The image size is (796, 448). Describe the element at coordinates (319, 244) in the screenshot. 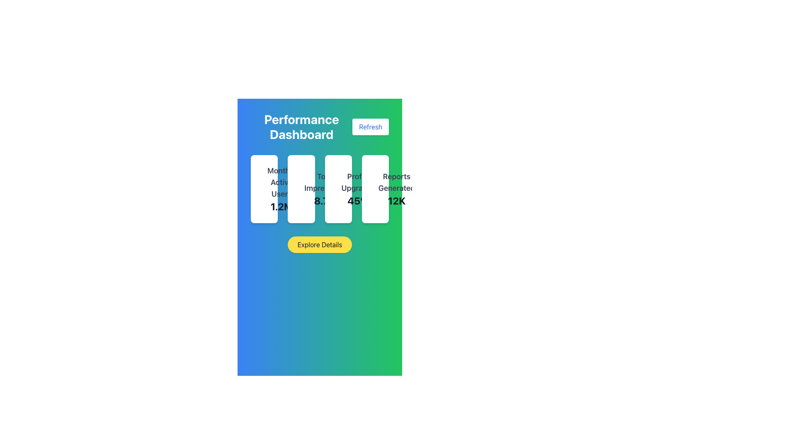

I see `the yellow button labeled 'Explore Details' located centrally below the 'Performance Dashboard' heading` at that location.